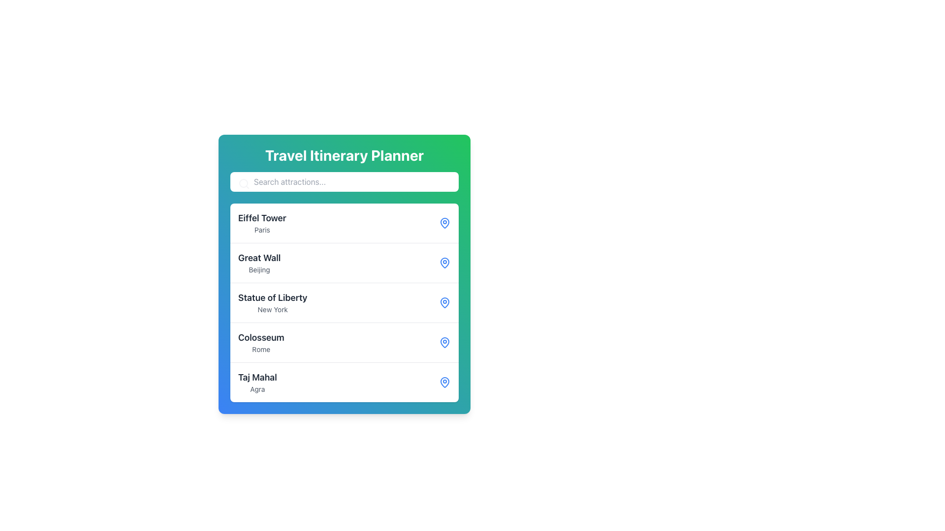 This screenshot has height=531, width=945. I want to click on the list item representing the Taj Mahal in the Travel Itinerary Planner, so click(257, 382).